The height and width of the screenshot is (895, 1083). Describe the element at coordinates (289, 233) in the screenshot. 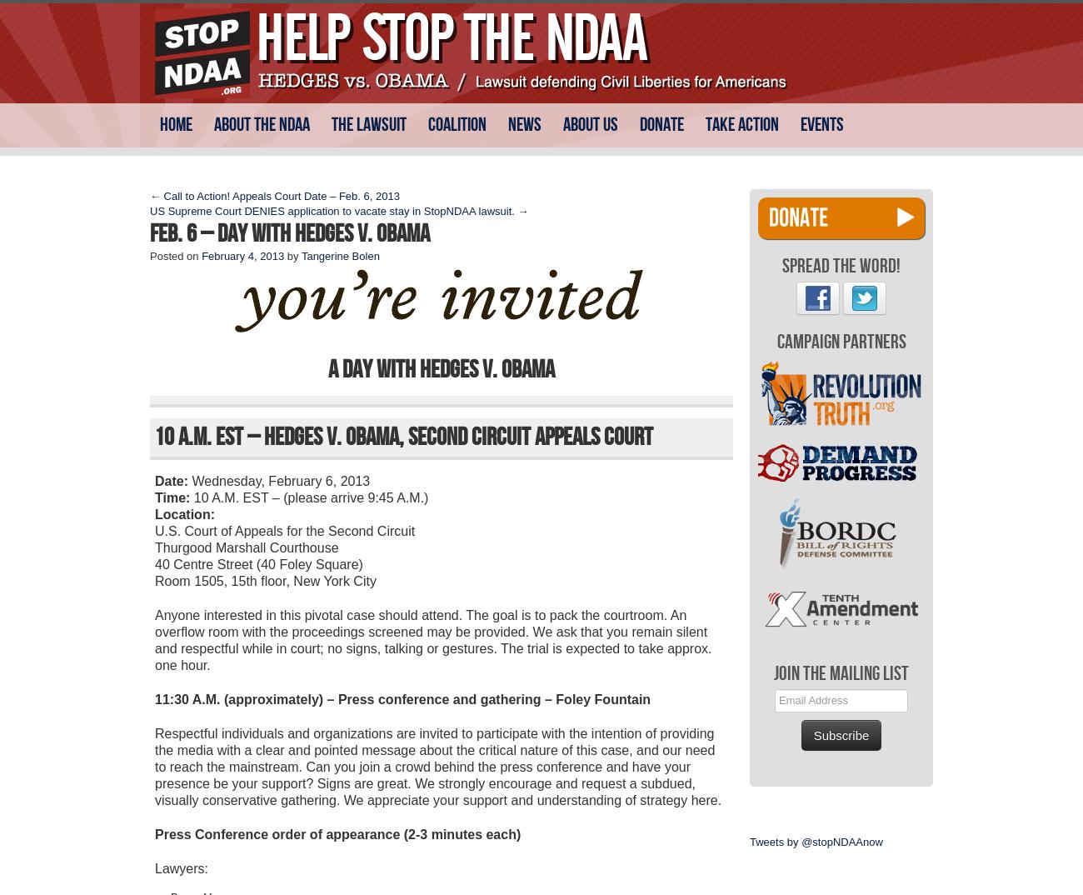

I see `'Feb. 6 – Day with Hedges v. Obama'` at that location.